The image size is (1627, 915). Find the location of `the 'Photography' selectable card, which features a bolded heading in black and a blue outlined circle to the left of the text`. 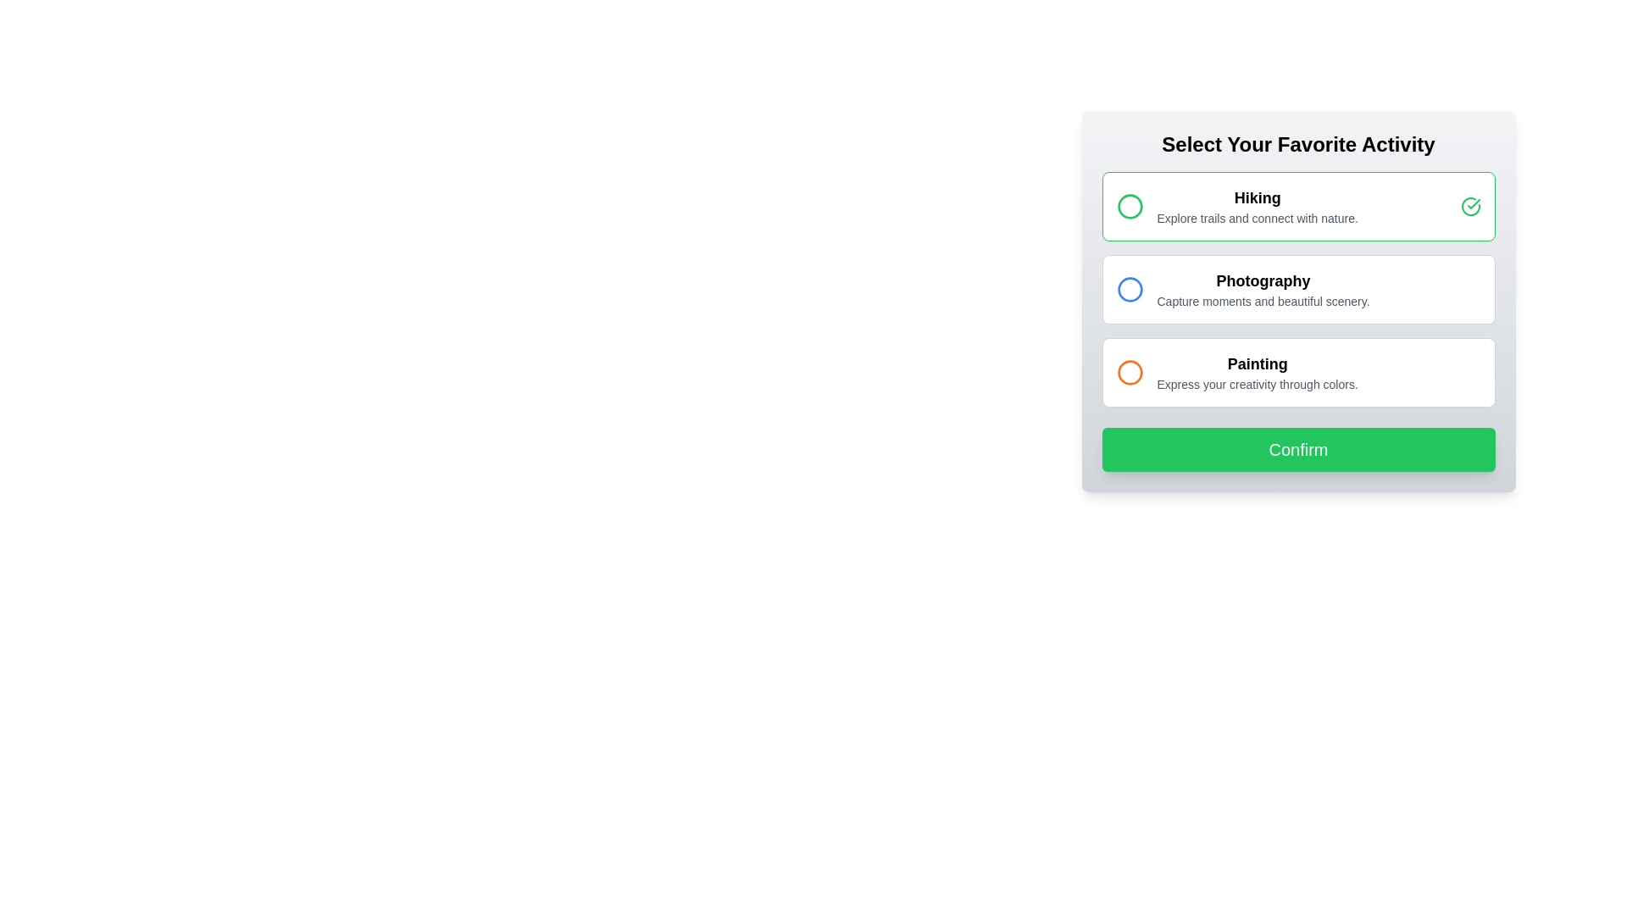

the 'Photography' selectable card, which features a bolded heading in black and a blue outlined circle to the left of the text is located at coordinates (1297, 289).